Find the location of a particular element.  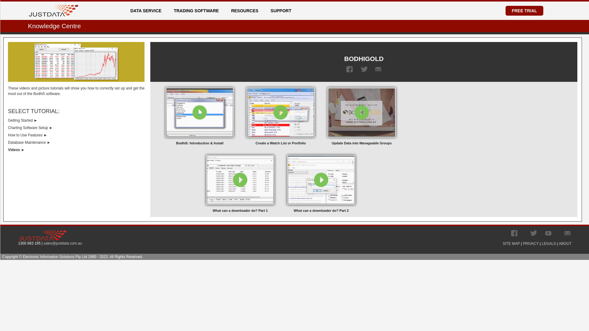

'sales@justdata.com.au' is located at coordinates (63, 243).